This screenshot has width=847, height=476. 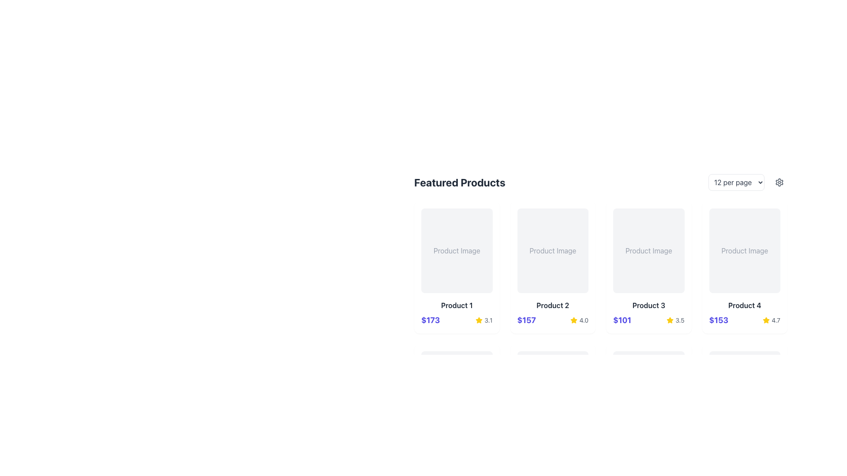 What do you see at coordinates (747, 182) in the screenshot?
I see `the dropdown menu located in the top-right corner of the 'Featured Products' section` at bounding box center [747, 182].